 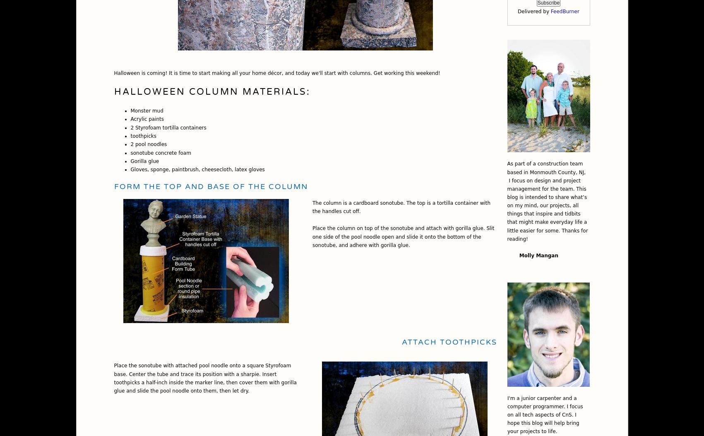 I want to click on 'I'm a junior carpenter and a computer programmer. I focus on all tech aspects of CnS. I hope this blog will help bring your projects to life.', so click(x=507, y=414).